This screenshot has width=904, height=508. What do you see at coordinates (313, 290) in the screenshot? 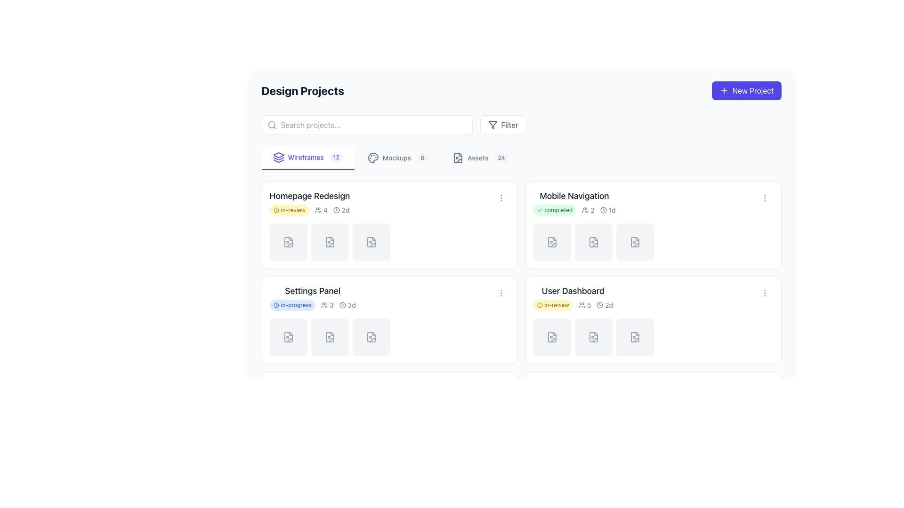
I see `the 'Settings Panel' text label, which is styled with a large, bold dark gray font and located at the top-center of the leftmost card in the second row of the grid layout` at bounding box center [313, 290].